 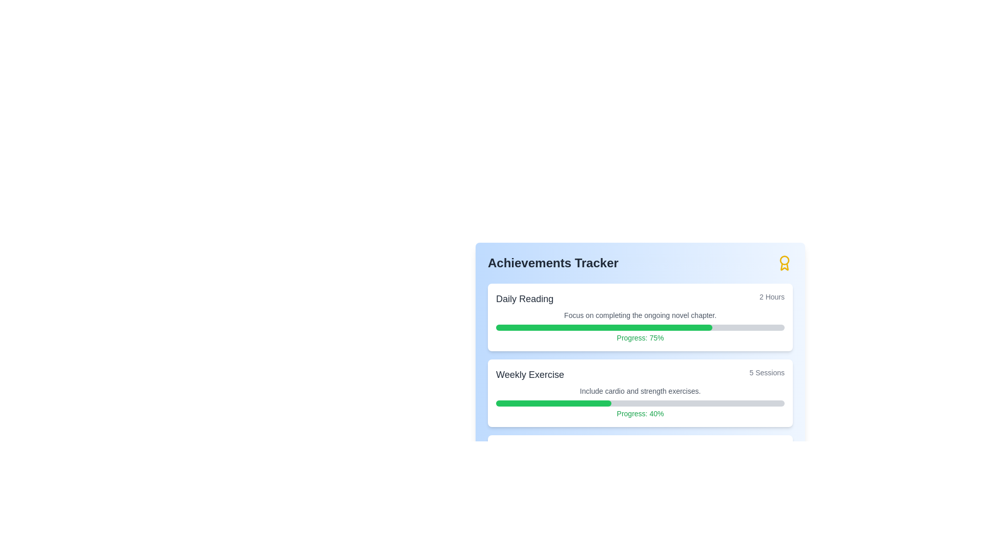 I want to click on the text label that identifies the weekly exercise tracking, positioned above the '5 Sessions' text and below the 'Daily Reading' section, so click(x=530, y=375).